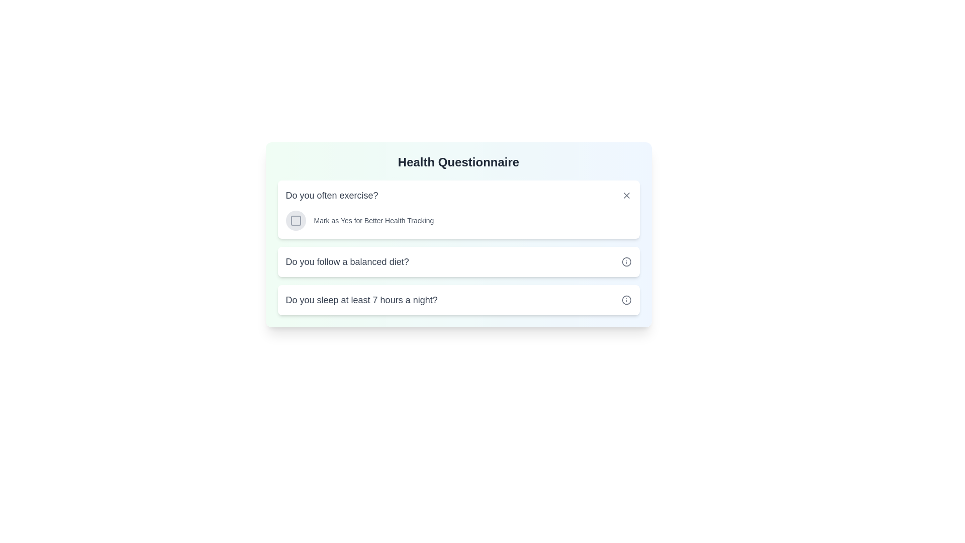  I want to click on the 'Health Questionnaire' Label, which is a bold, large text in dark gray color positioned at the top of a health-related questions section, so click(458, 162).